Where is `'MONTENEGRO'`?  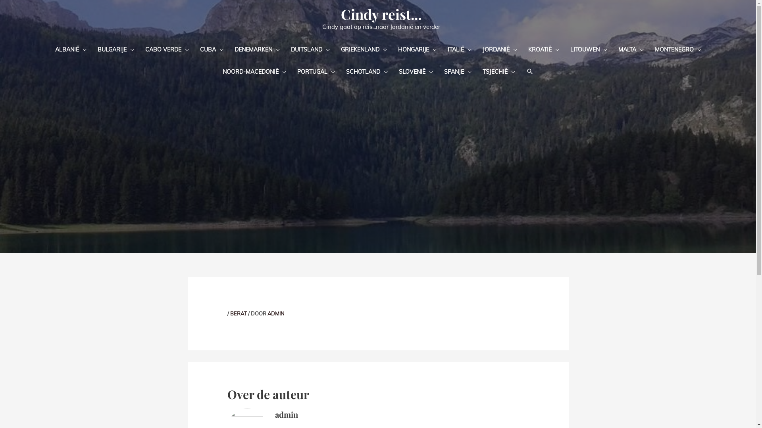 'MONTENEGRO' is located at coordinates (677, 49).